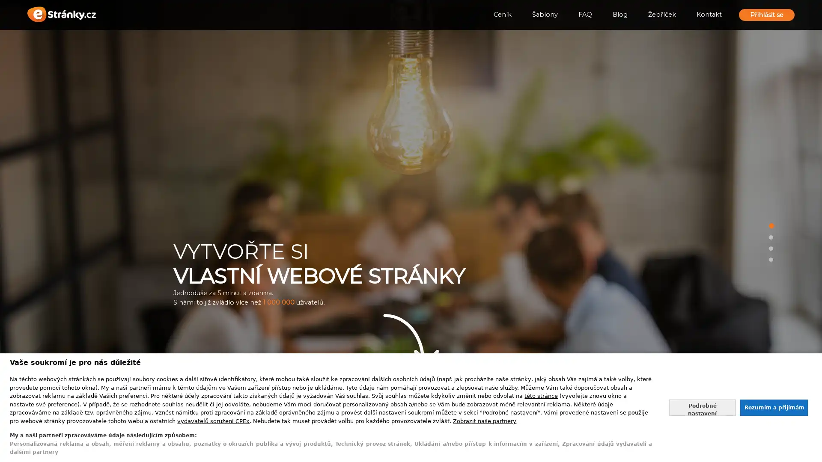 Image resolution: width=822 pixels, height=462 pixels. Describe the element at coordinates (773, 407) in the screenshot. I see `Souhlasit s nasim zpracovanim udaju a zavrit` at that location.